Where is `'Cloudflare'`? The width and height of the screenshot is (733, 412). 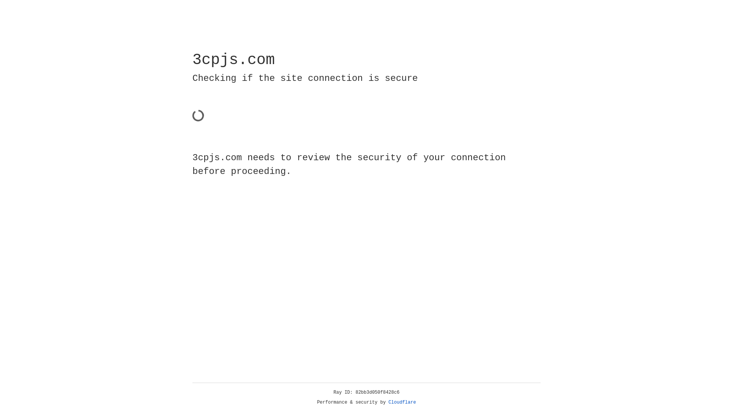 'Cloudflare' is located at coordinates (402, 402).